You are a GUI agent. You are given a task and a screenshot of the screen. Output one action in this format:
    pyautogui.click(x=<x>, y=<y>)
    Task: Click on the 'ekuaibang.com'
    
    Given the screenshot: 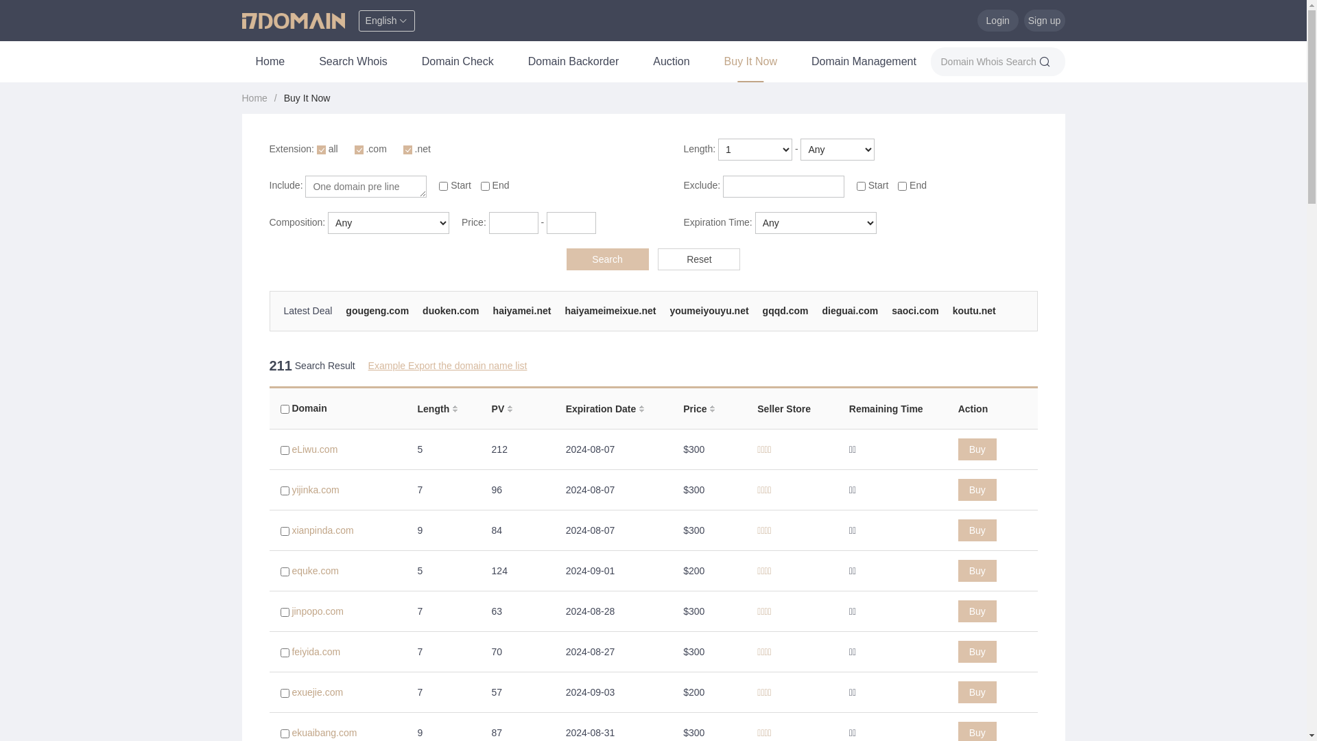 What is the action you would take?
    pyautogui.click(x=323, y=732)
    